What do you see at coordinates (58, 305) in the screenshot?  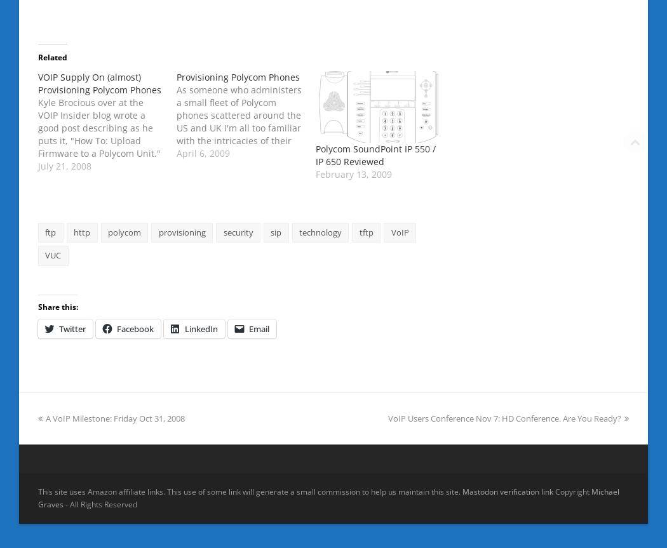 I see `'Share this:'` at bounding box center [58, 305].